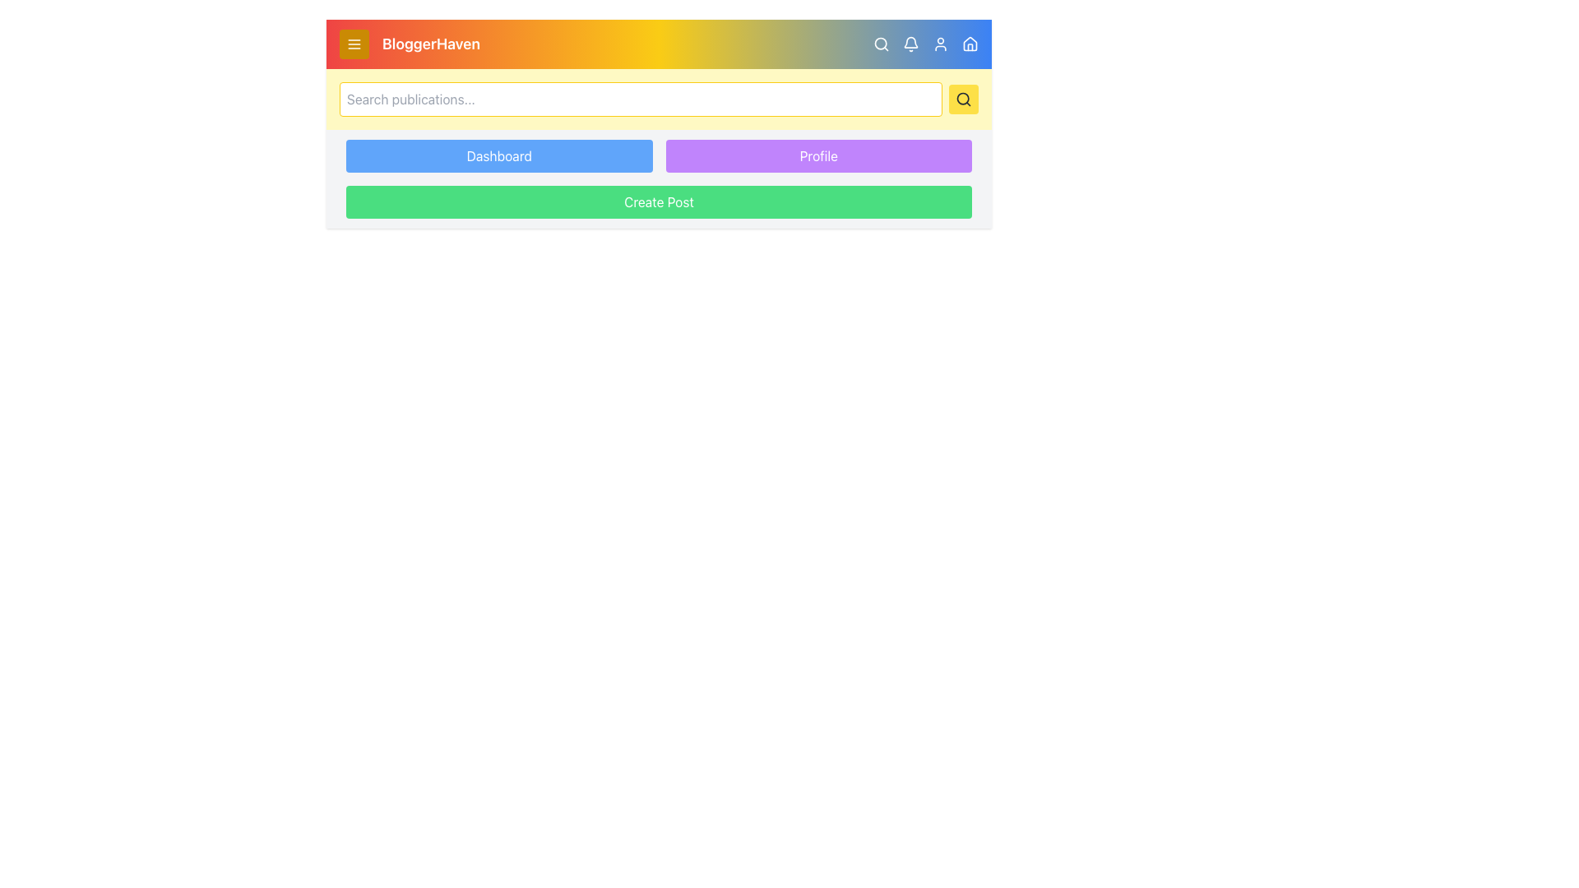 The image size is (1579, 888). Describe the element at coordinates (640, 99) in the screenshot. I see `the prominent search bar located centrally in the top section of the interface` at that location.